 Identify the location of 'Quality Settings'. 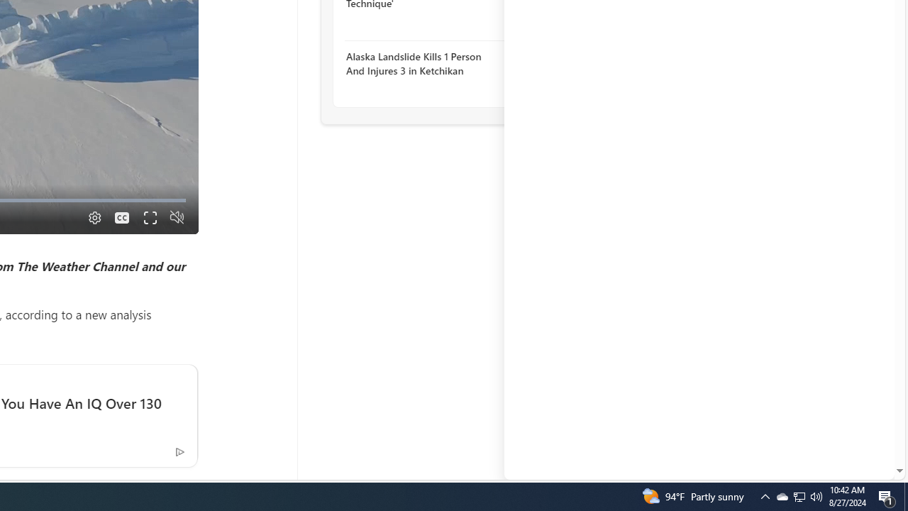
(92, 217).